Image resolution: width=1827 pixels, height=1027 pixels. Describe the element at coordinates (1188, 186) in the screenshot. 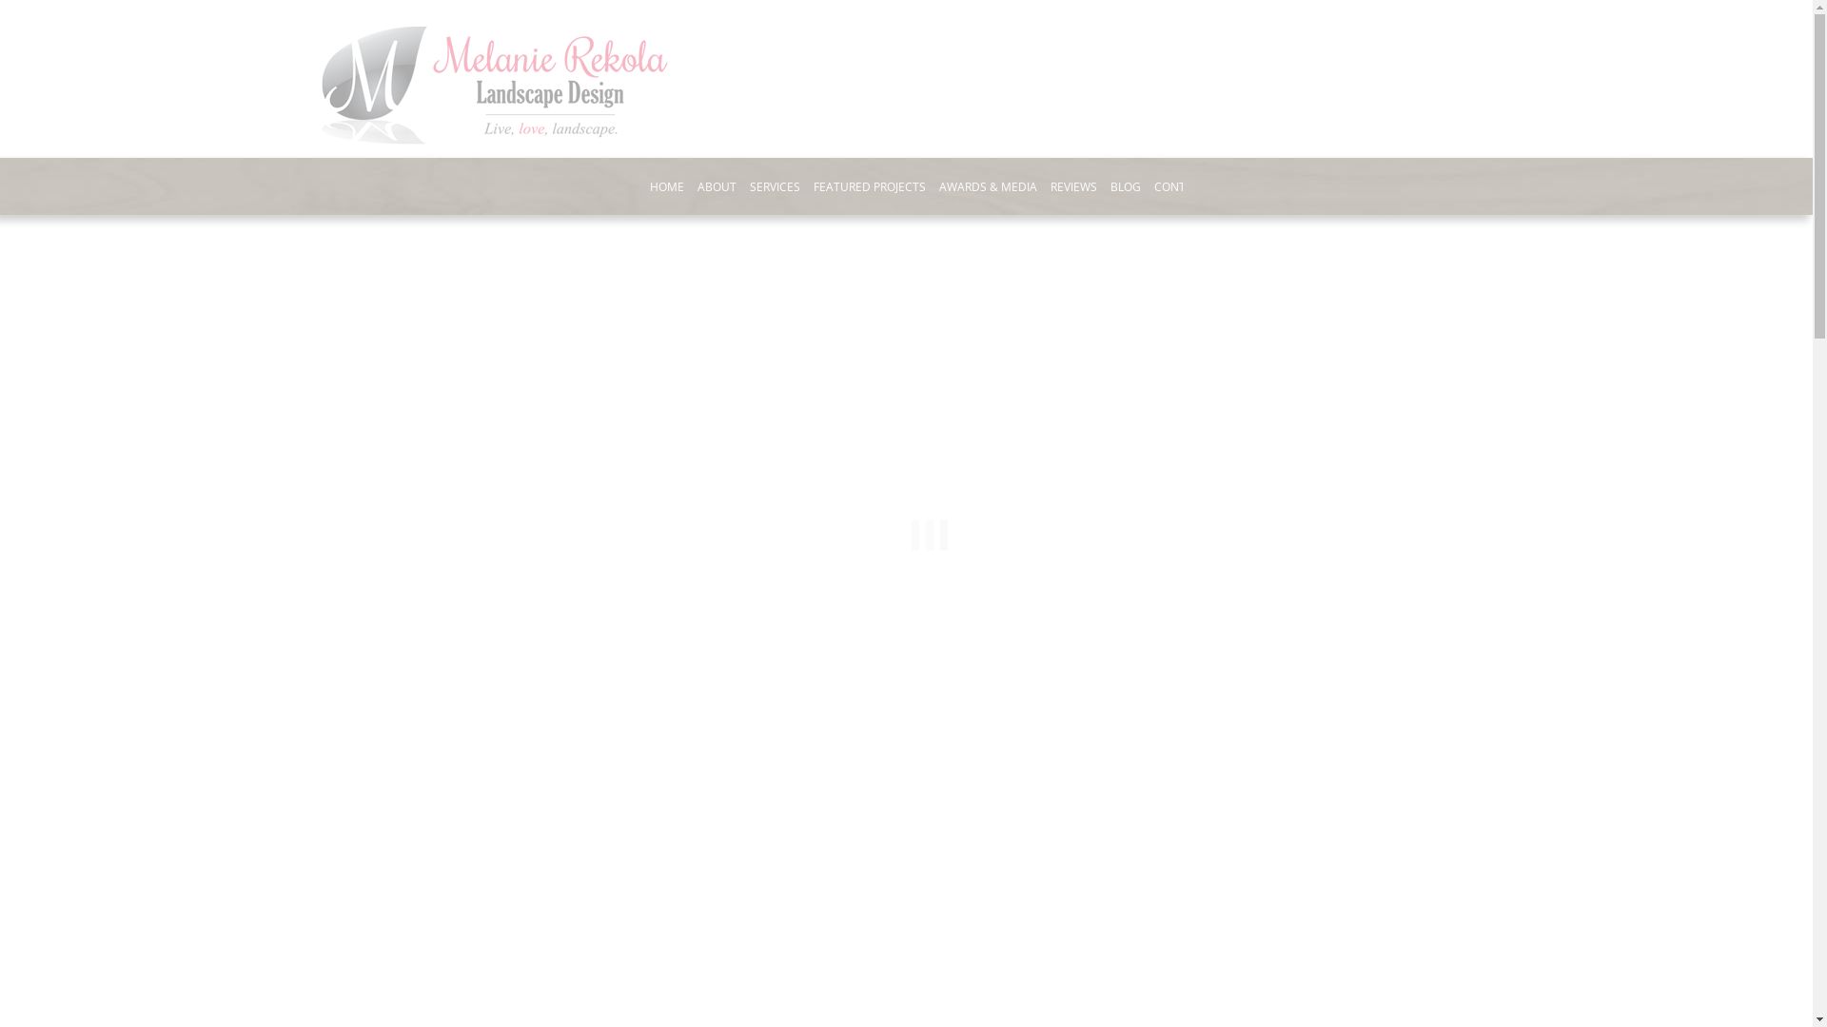

I see `'CONTACT US'` at that location.